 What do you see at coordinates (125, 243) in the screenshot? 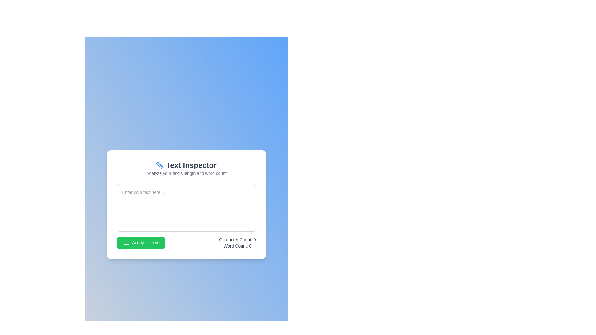
I see `the small icon with three horizontal lines, resembling a list, which is located to the left of the 'Analyze Text' button` at bounding box center [125, 243].